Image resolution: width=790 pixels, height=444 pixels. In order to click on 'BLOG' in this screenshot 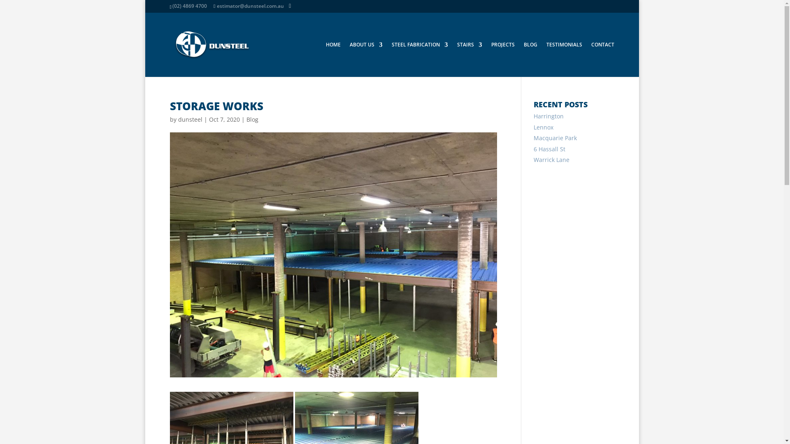, I will do `click(530, 59)`.